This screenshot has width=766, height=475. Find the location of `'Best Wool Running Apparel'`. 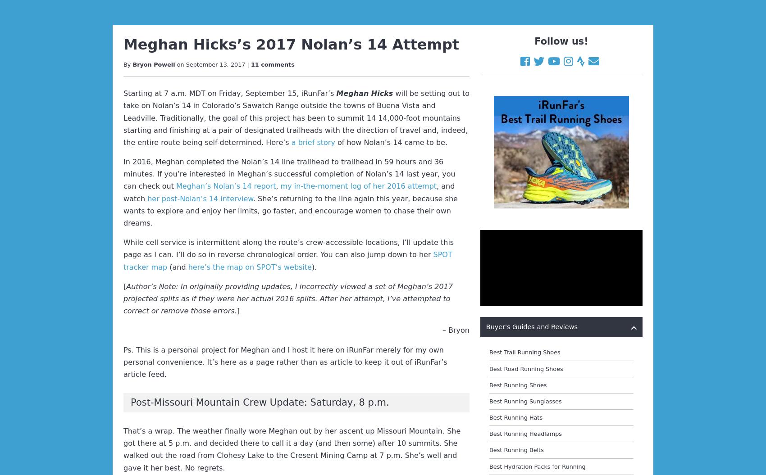

'Best Wool Running Apparel' is located at coordinates (528, 27).